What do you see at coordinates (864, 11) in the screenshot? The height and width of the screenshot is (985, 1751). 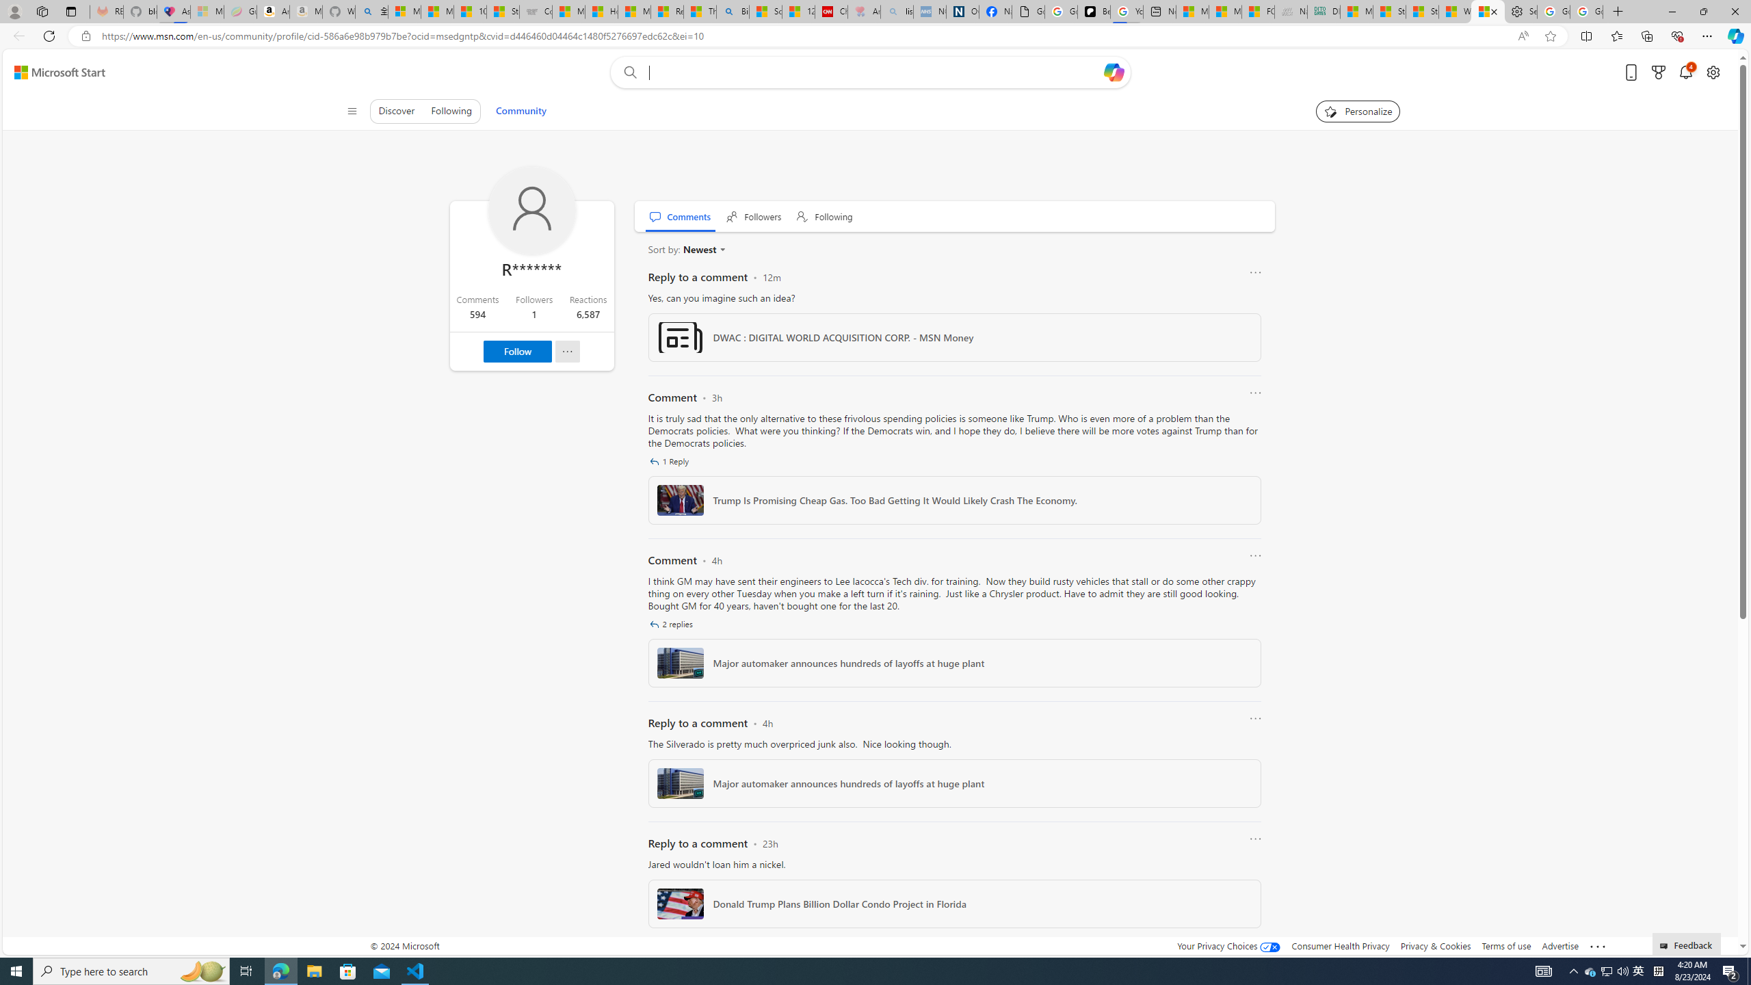 I see `'Arthritis: Ask Health Professionals - Sleeping'` at bounding box center [864, 11].